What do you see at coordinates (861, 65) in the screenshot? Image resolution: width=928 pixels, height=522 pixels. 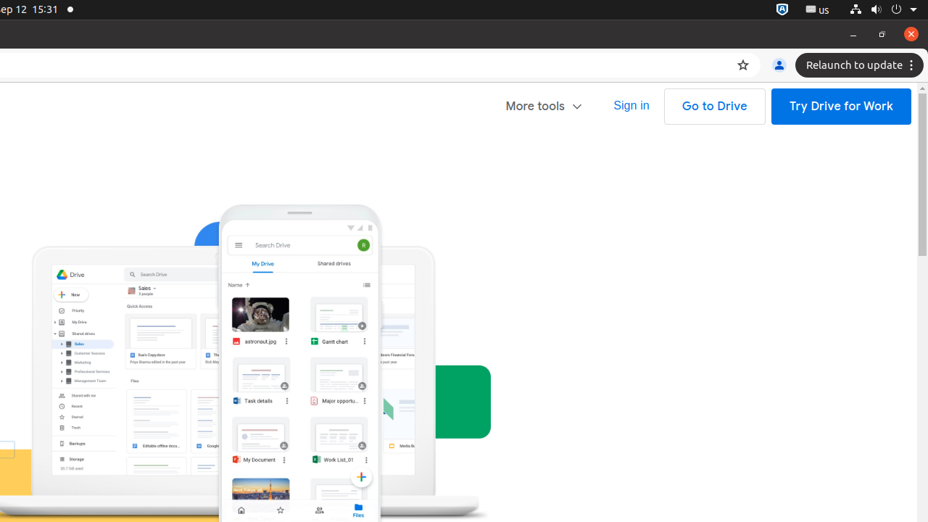 I see `'Relaunch to update'` at bounding box center [861, 65].